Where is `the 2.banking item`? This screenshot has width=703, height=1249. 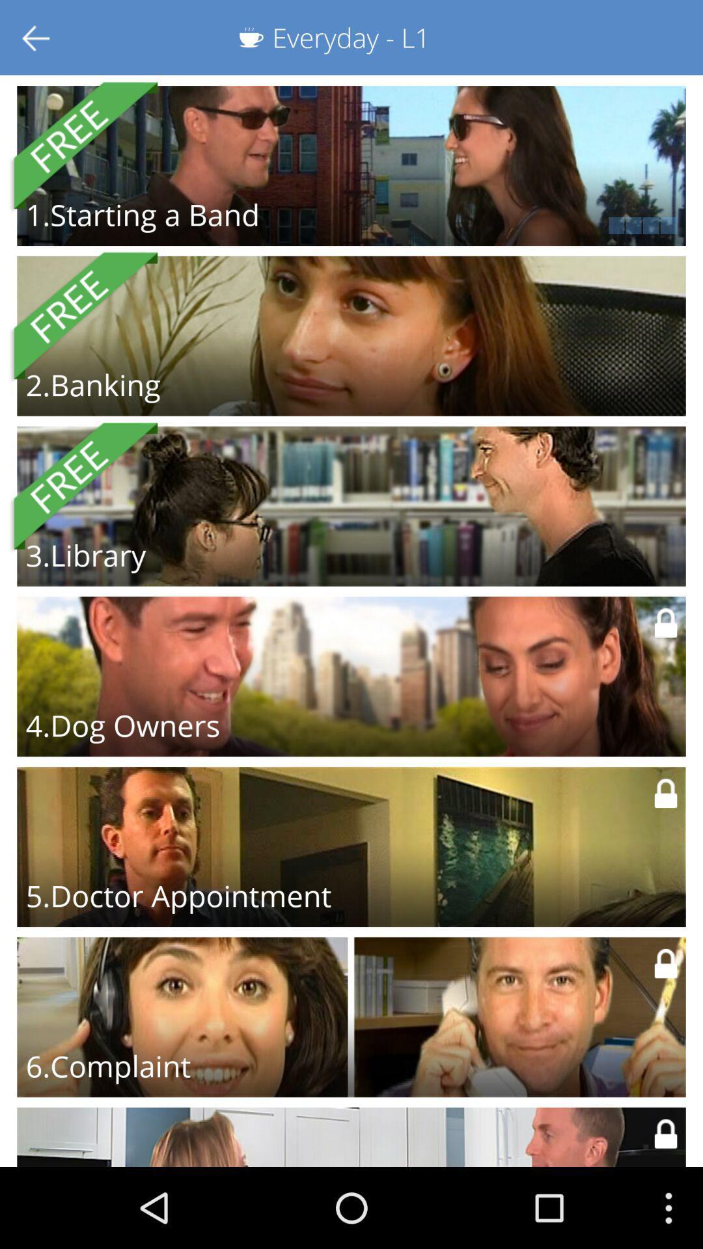
the 2.banking item is located at coordinates (92, 384).